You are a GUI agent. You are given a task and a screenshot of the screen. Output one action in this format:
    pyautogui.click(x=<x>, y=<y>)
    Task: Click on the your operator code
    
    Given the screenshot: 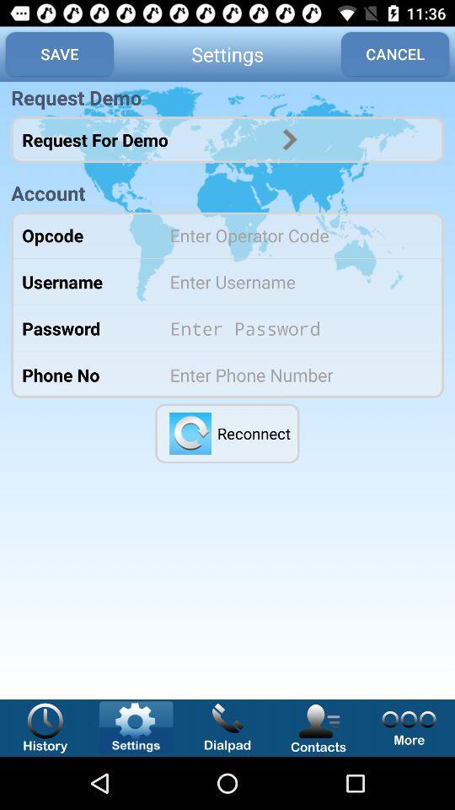 What is the action you would take?
    pyautogui.click(x=295, y=234)
    